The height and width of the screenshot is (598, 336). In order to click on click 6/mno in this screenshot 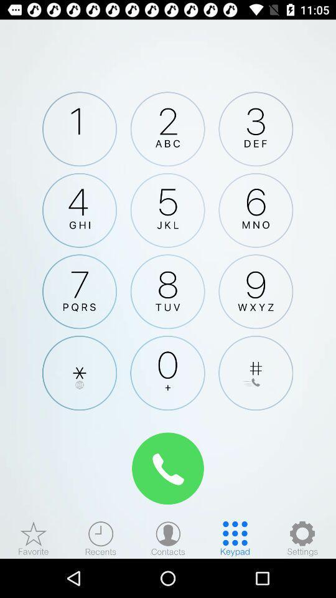, I will do `click(255, 210)`.